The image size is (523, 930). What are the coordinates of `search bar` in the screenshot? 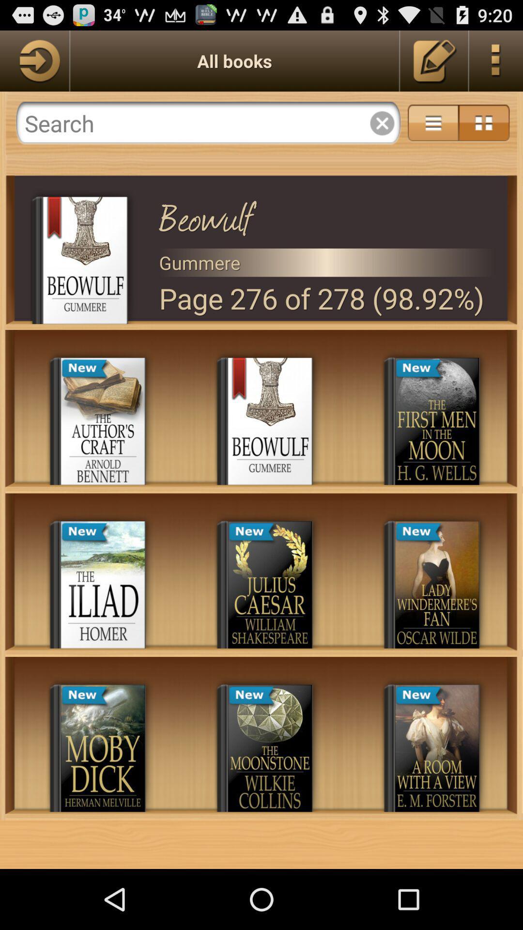 It's located at (208, 123).